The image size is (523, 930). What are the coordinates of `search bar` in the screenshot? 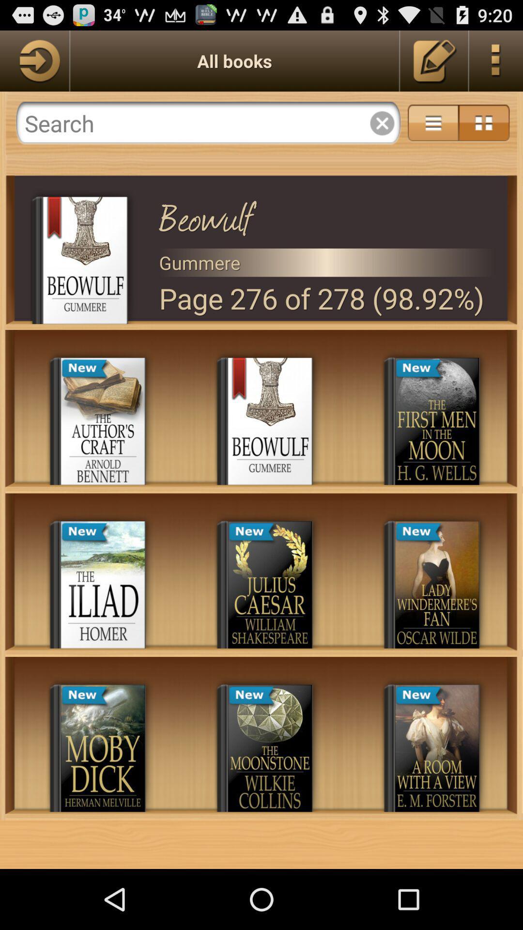 It's located at (208, 123).